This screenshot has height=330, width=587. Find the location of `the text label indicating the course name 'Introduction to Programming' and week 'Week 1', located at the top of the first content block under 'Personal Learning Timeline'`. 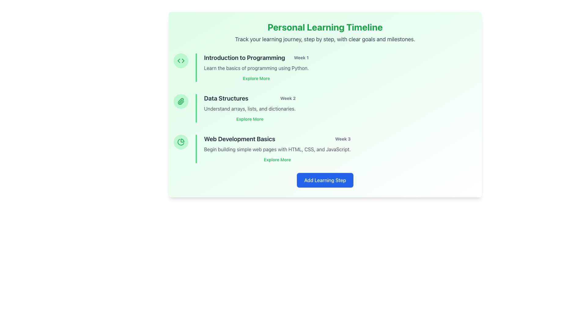

the text label indicating the course name 'Introduction to Programming' and week 'Week 1', located at the top of the first content block under 'Personal Learning Timeline' is located at coordinates (256, 58).